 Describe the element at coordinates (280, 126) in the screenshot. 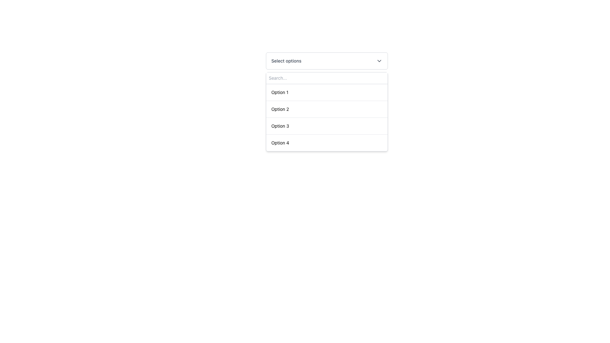

I see `the third option labeled 'Option 3' in the dropdown list` at that location.